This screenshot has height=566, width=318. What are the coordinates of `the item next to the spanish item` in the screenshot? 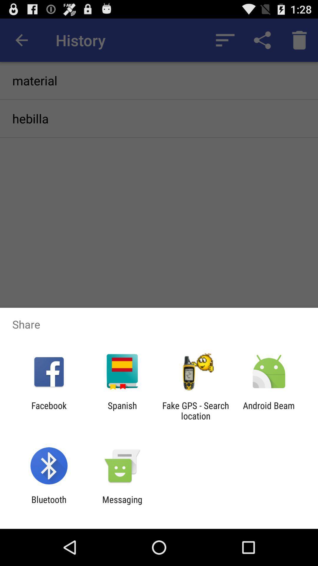 It's located at (49, 410).